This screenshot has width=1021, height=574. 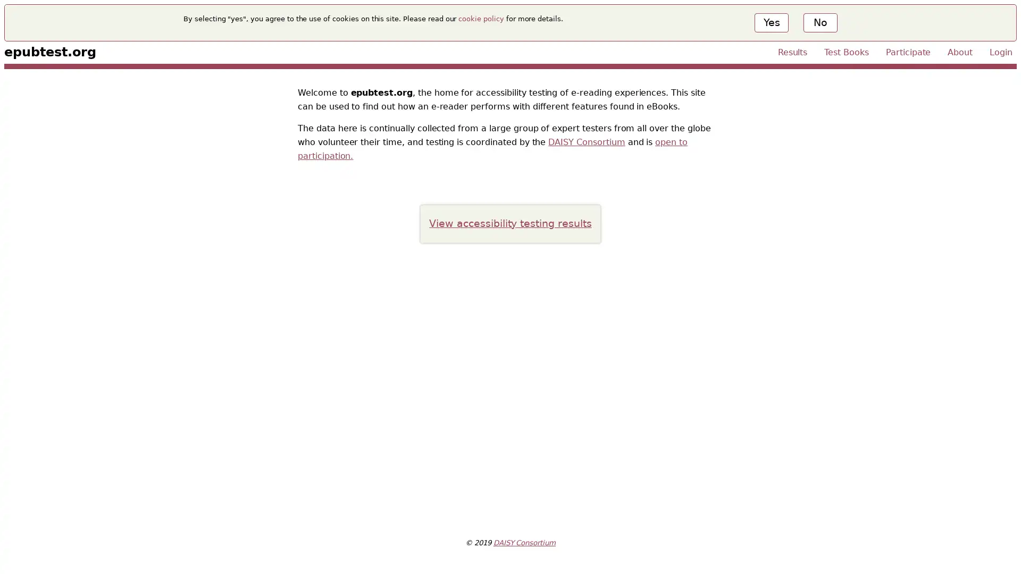 I want to click on Yes, so click(x=771, y=22).